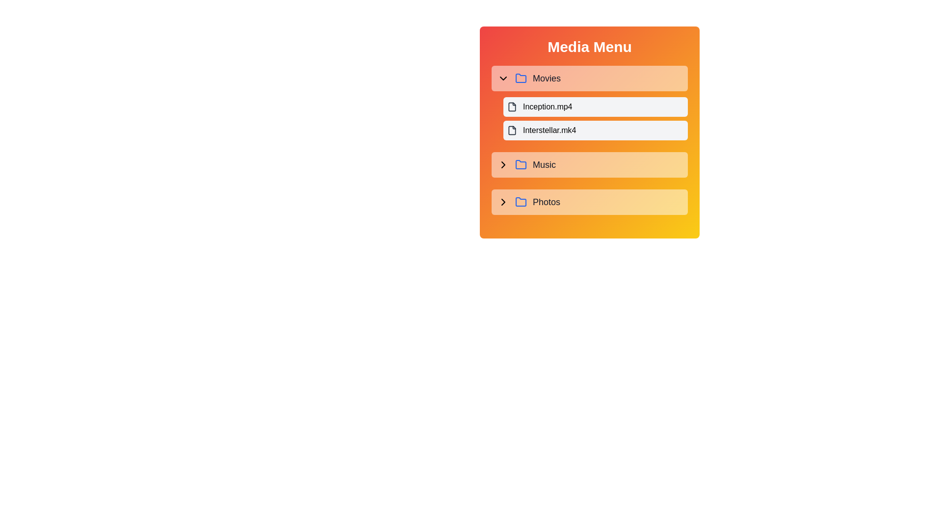 This screenshot has height=530, width=942. Describe the element at coordinates (503, 164) in the screenshot. I see `the right-pointing chevron icon located to the left of the 'Music' text` at that location.